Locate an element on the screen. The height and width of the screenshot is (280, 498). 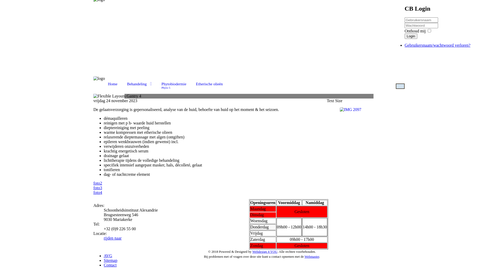
'rijden naar' is located at coordinates (112, 238).